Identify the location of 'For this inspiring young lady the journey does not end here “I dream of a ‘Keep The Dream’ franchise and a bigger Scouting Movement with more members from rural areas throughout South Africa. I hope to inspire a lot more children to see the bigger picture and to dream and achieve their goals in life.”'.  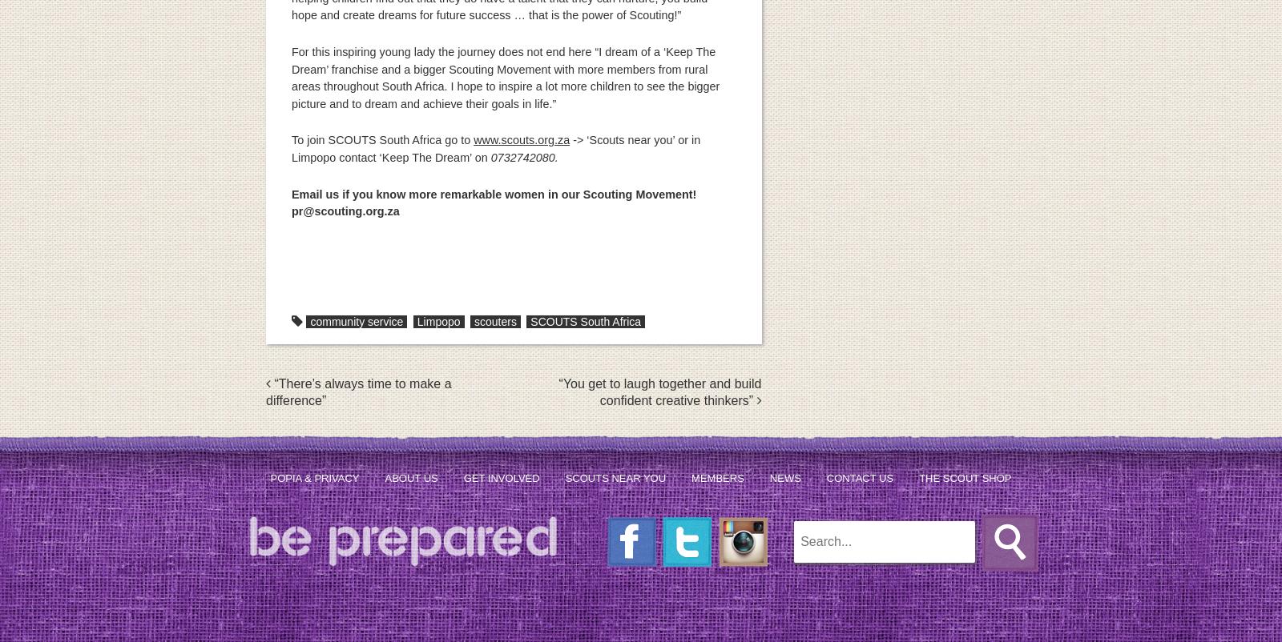
(506, 77).